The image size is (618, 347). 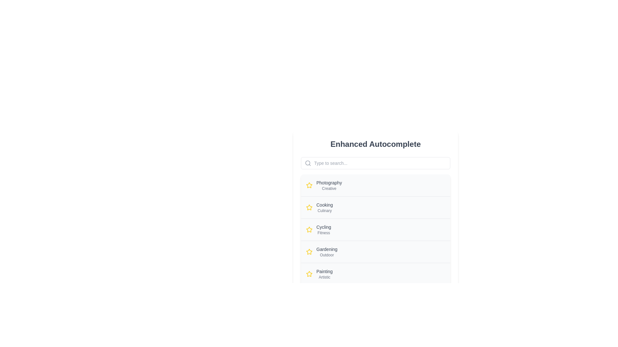 What do you see at coordinates (324, 277) in the screenshot?
I see `the text label reading 'Artistic', which is styled in gray font and located beneath the text 'Painting' in the card layout under 'Enhanced Autocomplete'` at bounding box center [324, 277].